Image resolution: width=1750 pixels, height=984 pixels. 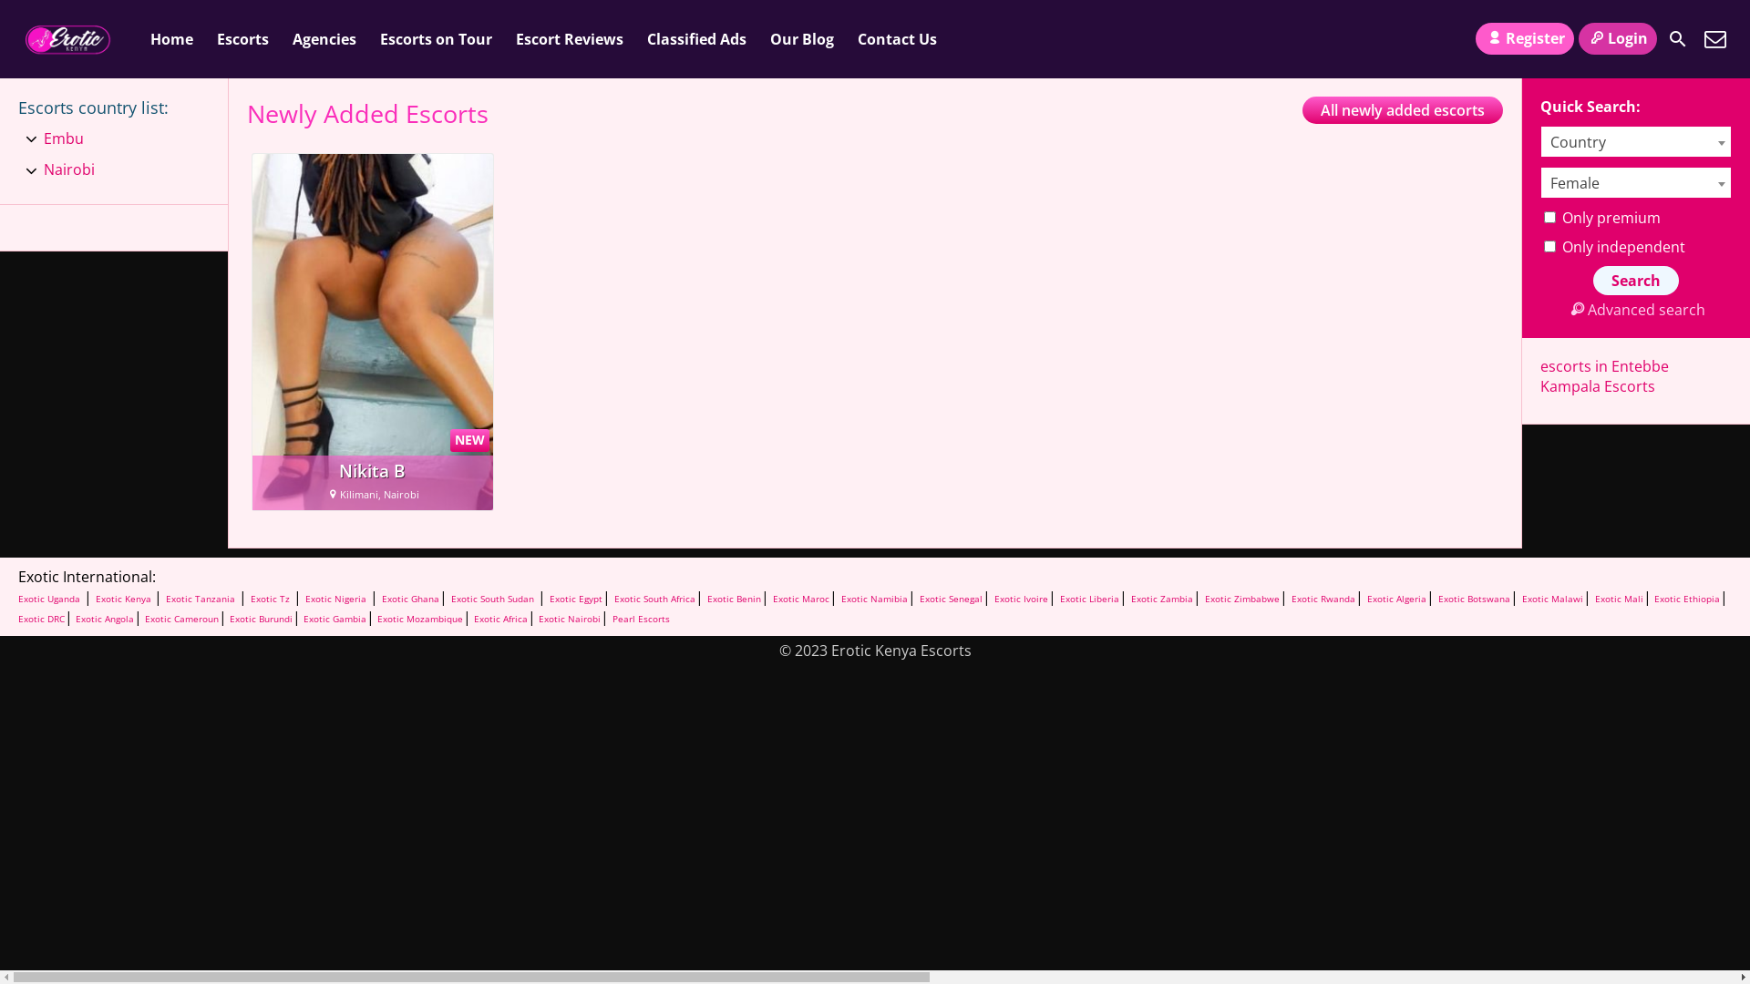 What do you see at coordinates (269, 598) in the screenshot?
I see `'Exotic Tz'` at bounding box center [269, 598].